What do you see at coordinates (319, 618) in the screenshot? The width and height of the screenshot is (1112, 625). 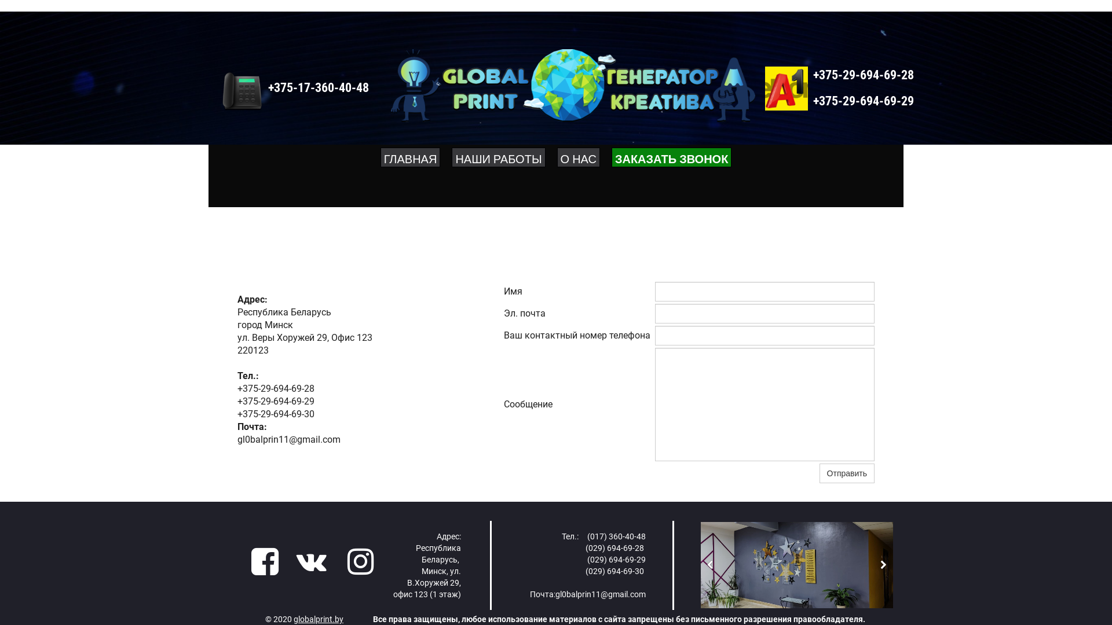 I see `'globalprint.by'` at bounding box center [319, 618].